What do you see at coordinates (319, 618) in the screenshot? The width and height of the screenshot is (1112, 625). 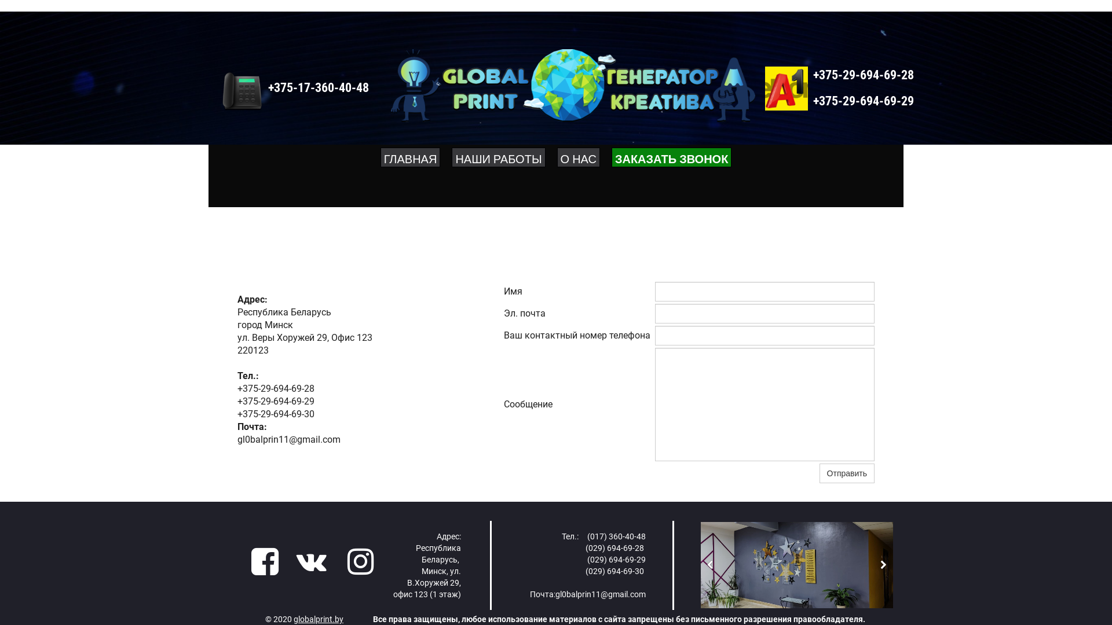 I see `'globalprint.by'` at bounding box center [319, 618].